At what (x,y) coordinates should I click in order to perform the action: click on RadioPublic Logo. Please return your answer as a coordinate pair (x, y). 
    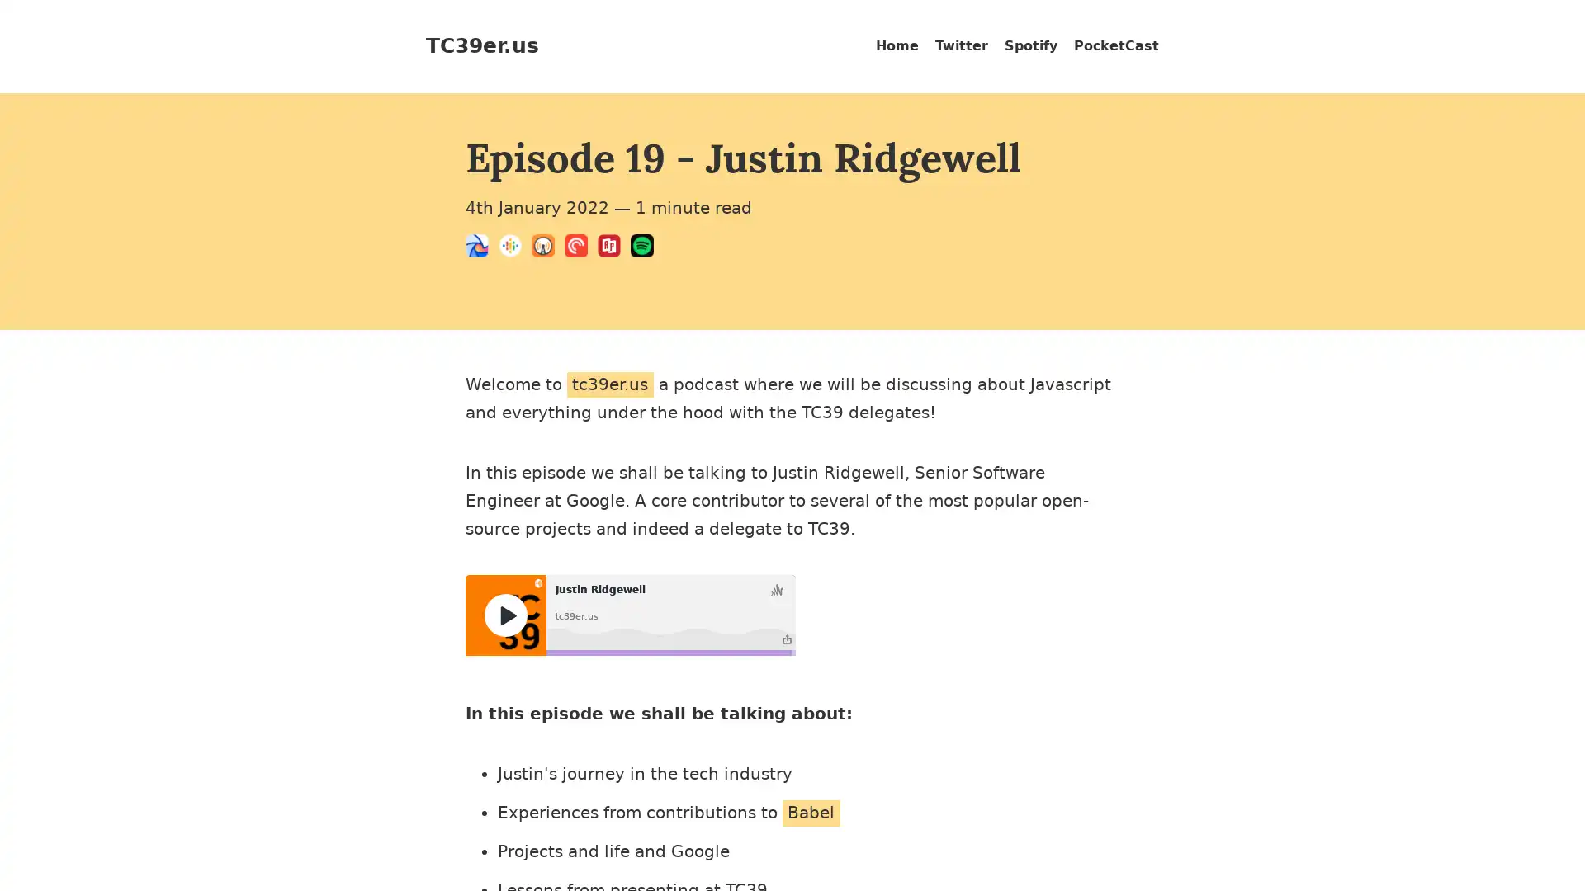
    Looking at the image, I should click on (613, 248).